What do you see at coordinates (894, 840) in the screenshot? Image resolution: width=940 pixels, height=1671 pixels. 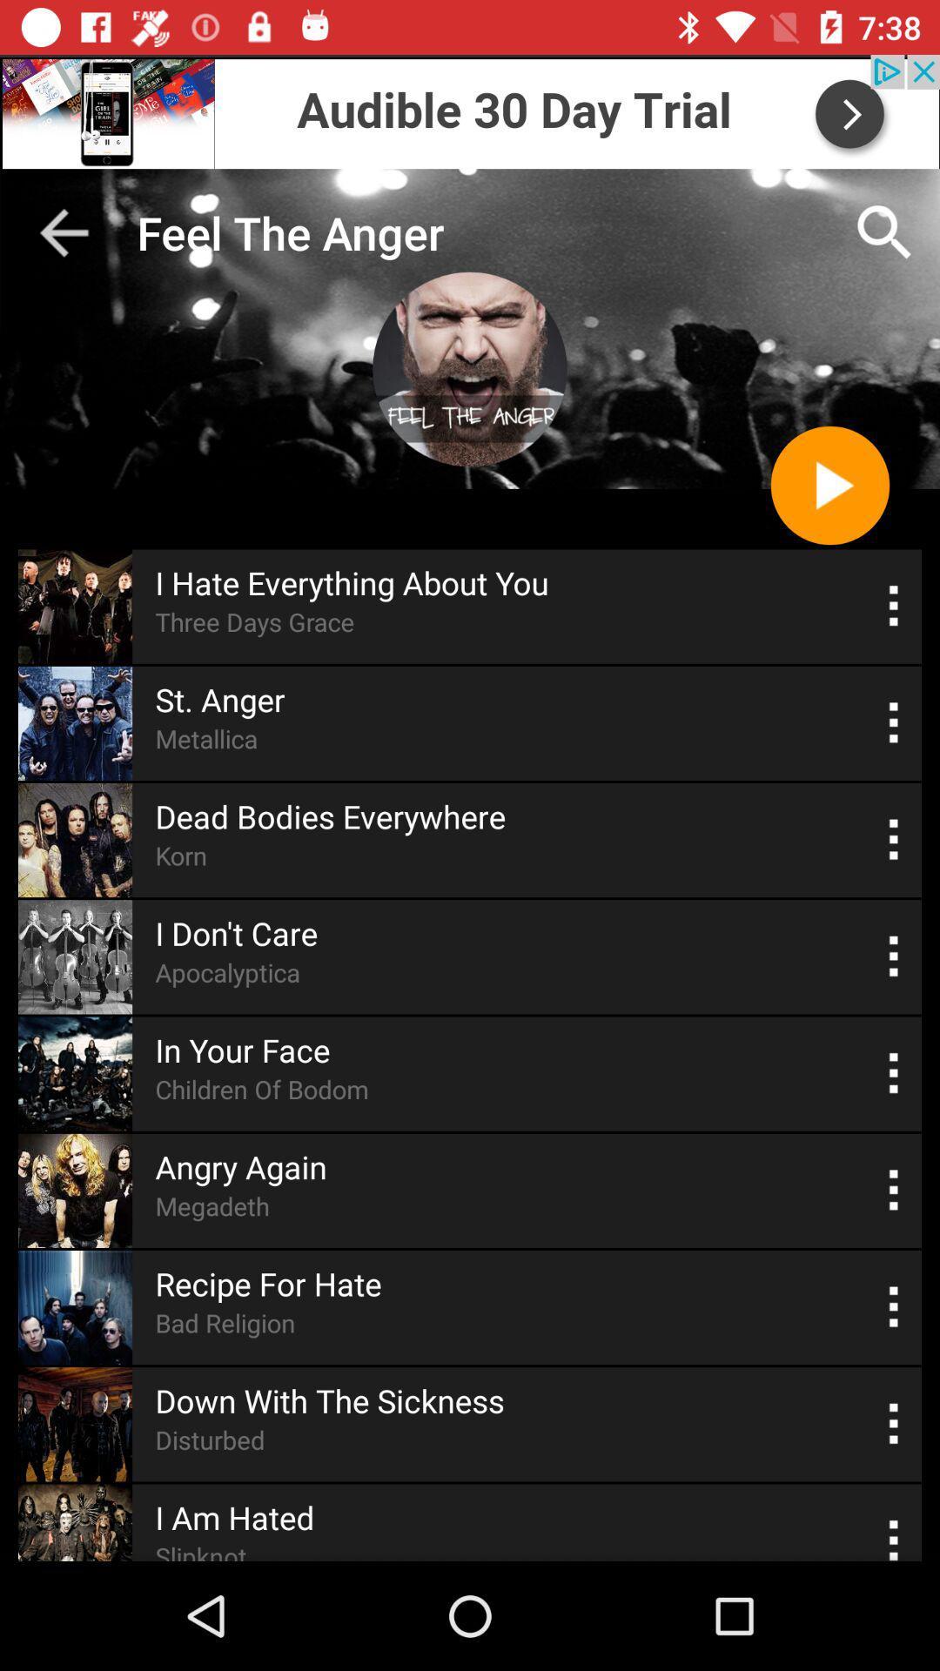 I see `more options` at bounding box center [894, 840].